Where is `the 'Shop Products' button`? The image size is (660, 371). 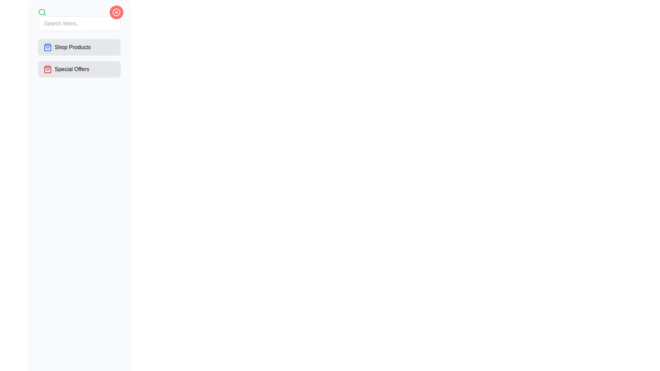
the 'Shop Products' button is located at coordinates (79, 47).